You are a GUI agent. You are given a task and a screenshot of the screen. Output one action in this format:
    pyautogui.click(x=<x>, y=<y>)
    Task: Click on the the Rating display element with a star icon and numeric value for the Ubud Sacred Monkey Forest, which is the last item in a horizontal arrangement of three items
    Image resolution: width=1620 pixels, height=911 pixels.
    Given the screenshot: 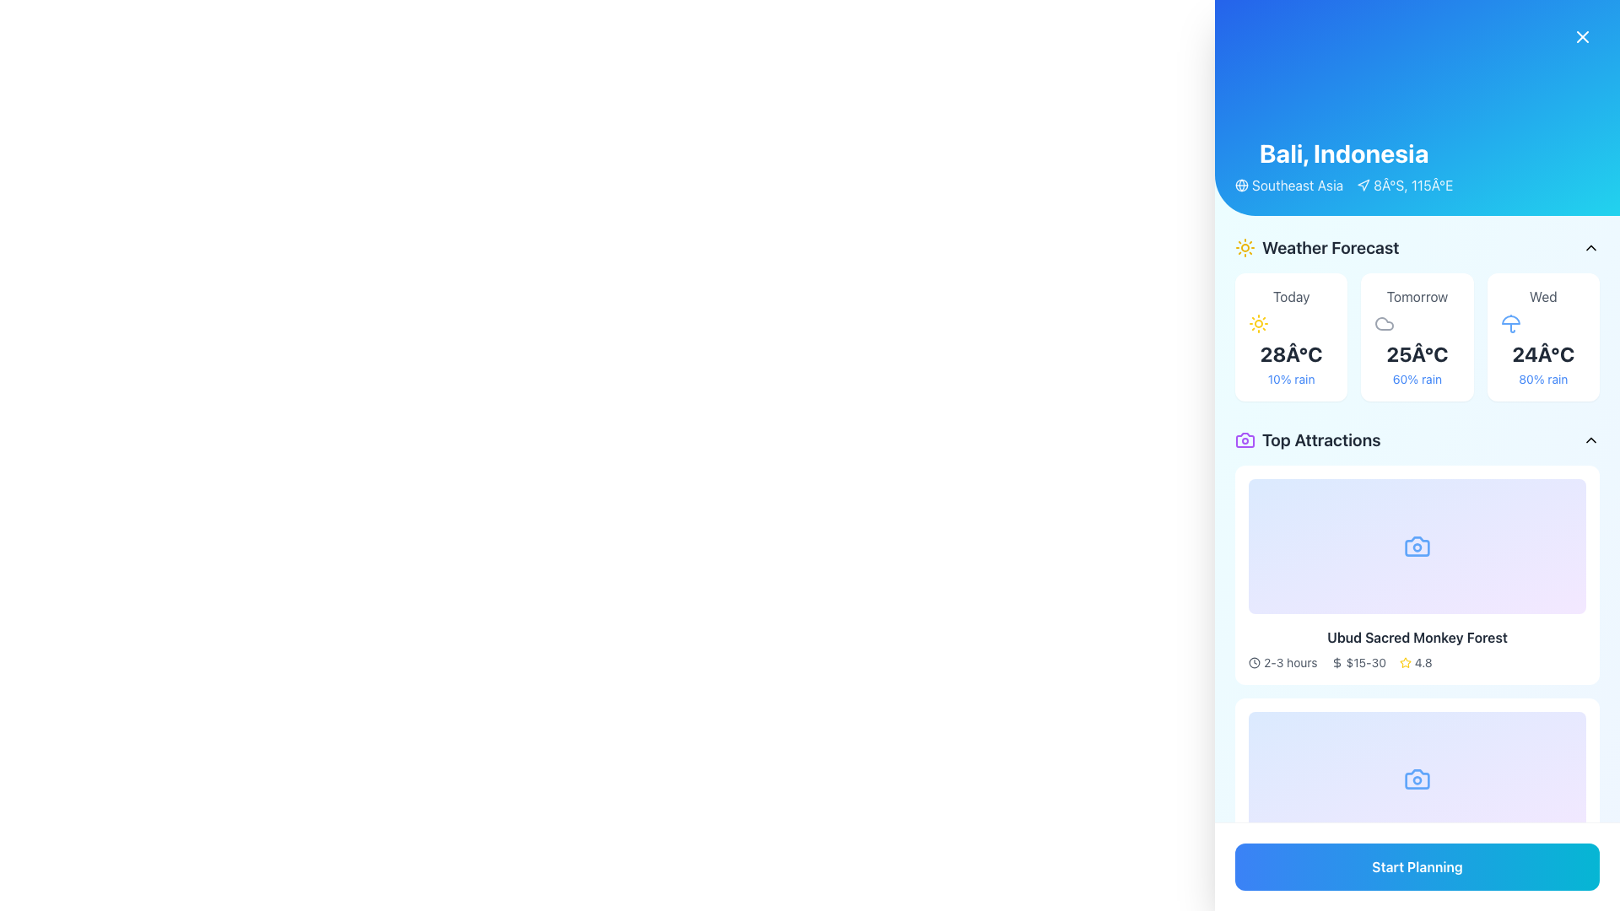 What is the action you would take?
    pyautogui.click(x=1416, y=662)
    